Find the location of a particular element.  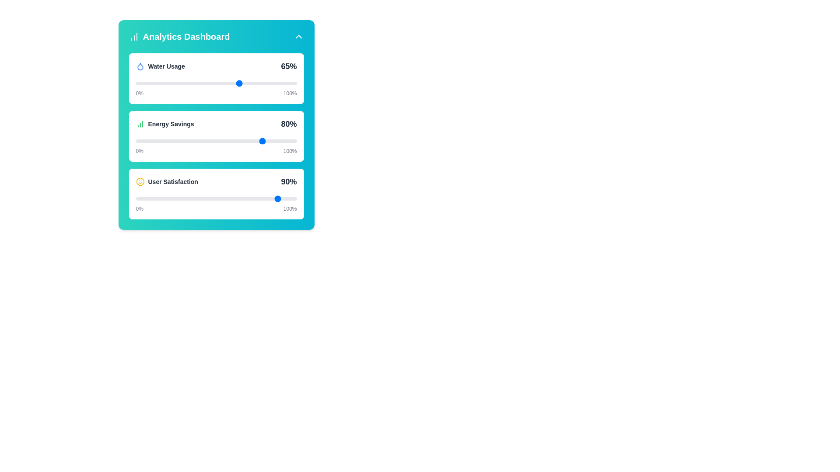

the 'Energy Savings' label with icon, which is styled with a small, bold font and features a green icon symbolizing increasing columns, located centrally in the Analytics Dashboard panel is located at coordinates (165, 124).